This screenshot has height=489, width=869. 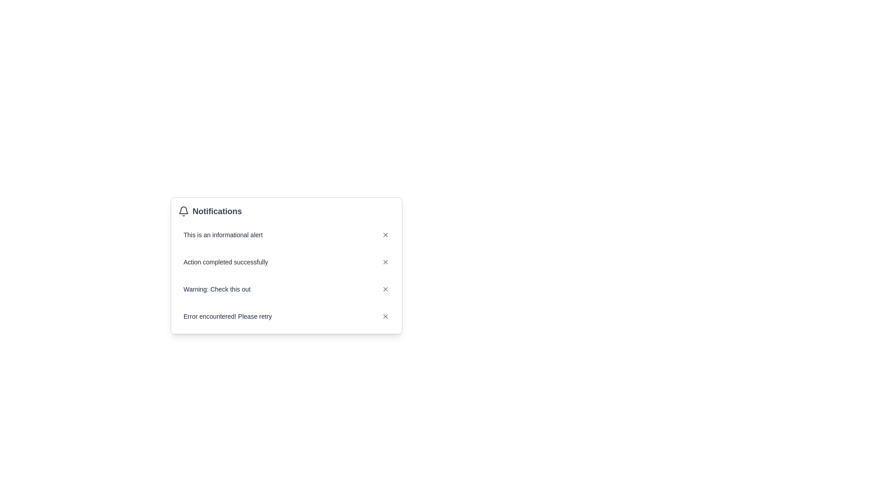 What do you see at coordinates (286, 235) in the screenshot?
I see `the Notification alert bar with a close button to read its content, which displays 'This is an informational alert'` at bounding box center [286, 235].